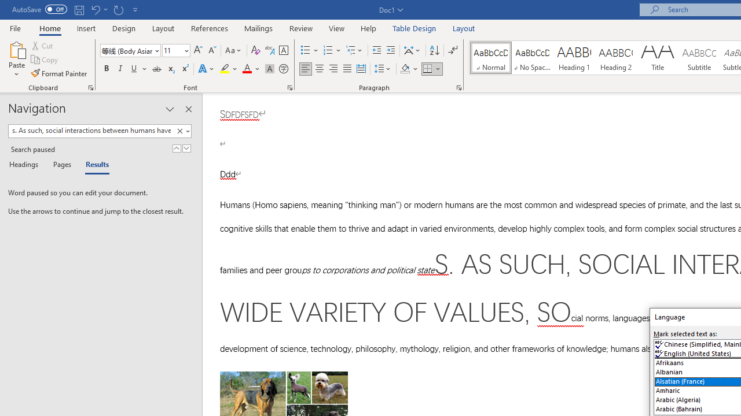 The image size is (741, 416). Describe the element at coordinates (78, 9) in the screenshot. I see `'Save'` at that location.